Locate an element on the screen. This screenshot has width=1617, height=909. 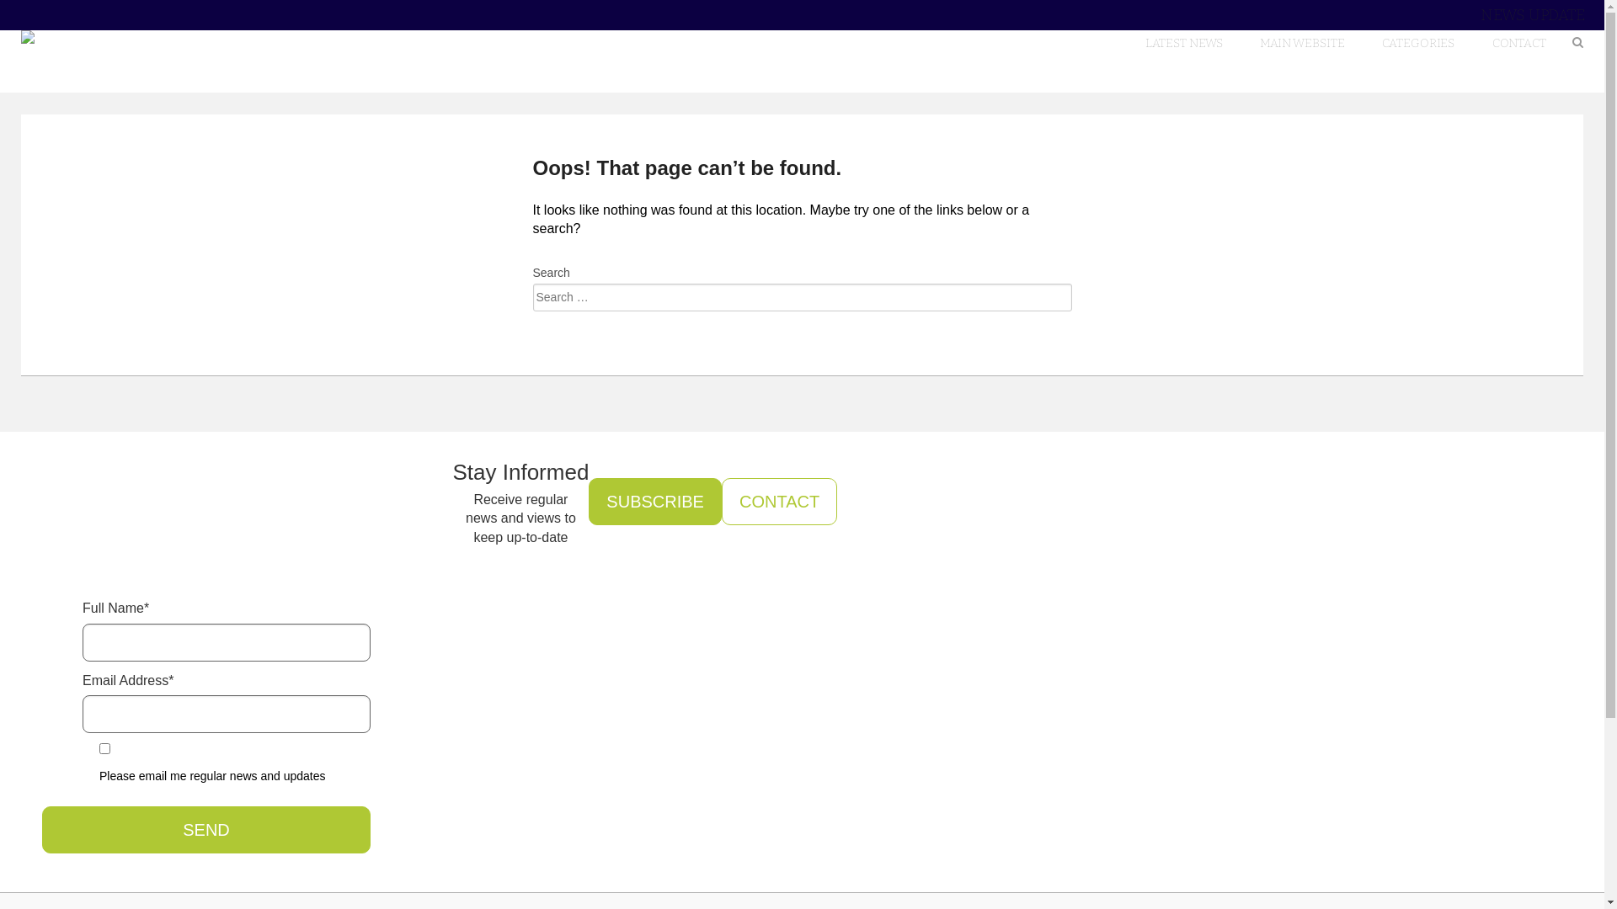
'MAIN WEBSITE' is located at coordinates (1301, 42).